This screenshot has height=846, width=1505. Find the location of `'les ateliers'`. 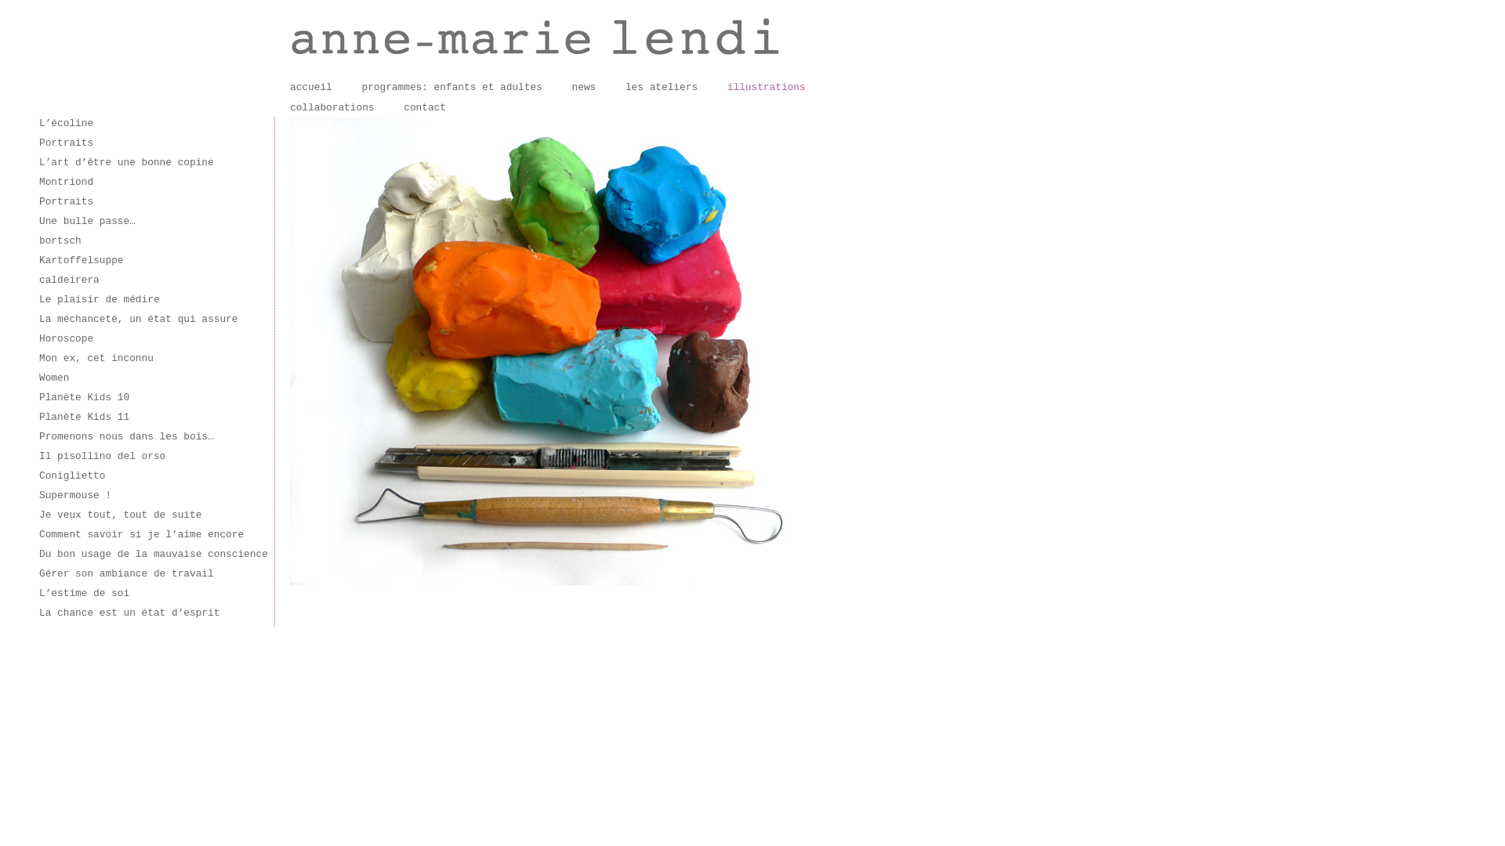

'les ateliers' is located at coordinates (662, 87).